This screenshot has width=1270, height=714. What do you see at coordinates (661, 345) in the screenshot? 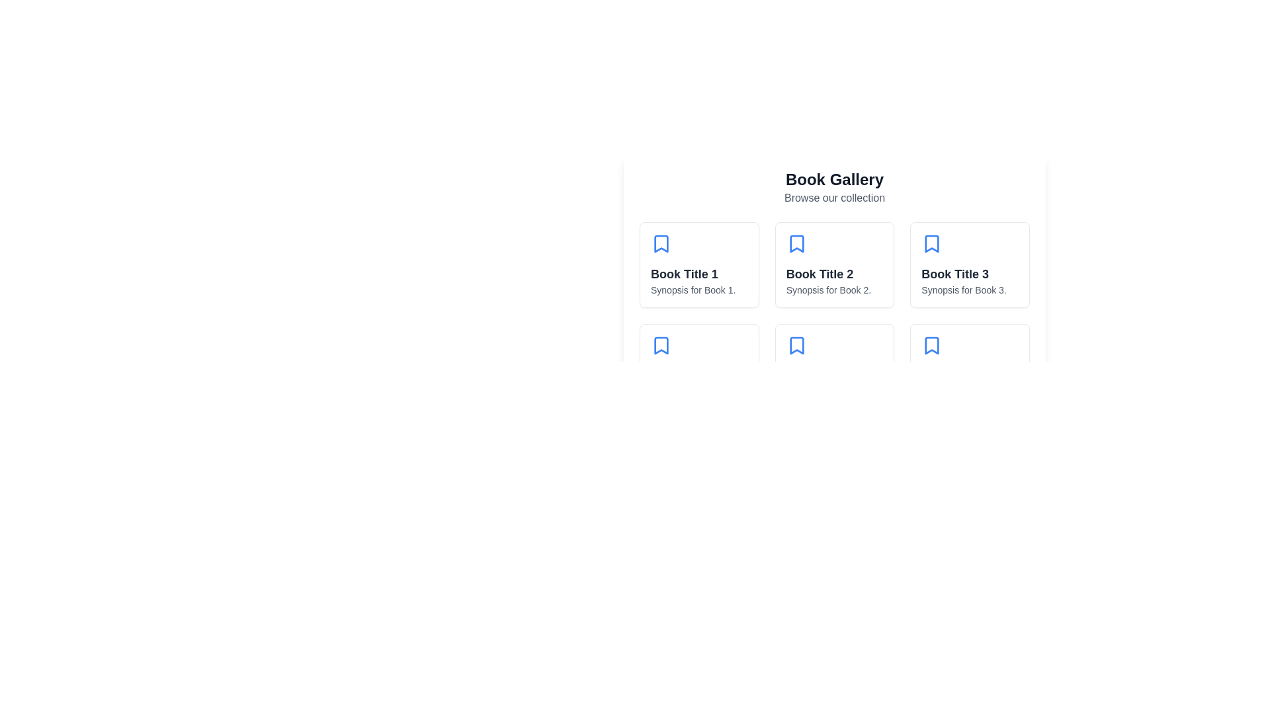
I see `the Bookmark icon located in the center of the grid cell below 'Book Title 1'` at bounding box center [661, 345].